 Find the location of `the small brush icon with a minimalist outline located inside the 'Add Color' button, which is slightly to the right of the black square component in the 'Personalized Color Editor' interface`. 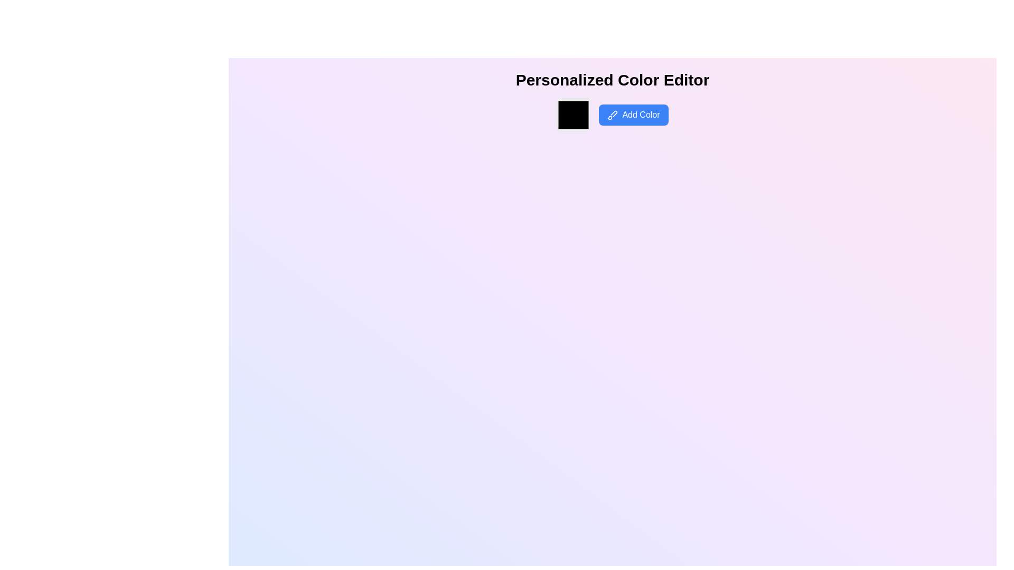

the small brush icon with a minimalist outline located inside the 'Add Color' button, which is slightly to the right of the black square component in the 'Personalized Color Editor' interface is located at coordinates (613, 115).